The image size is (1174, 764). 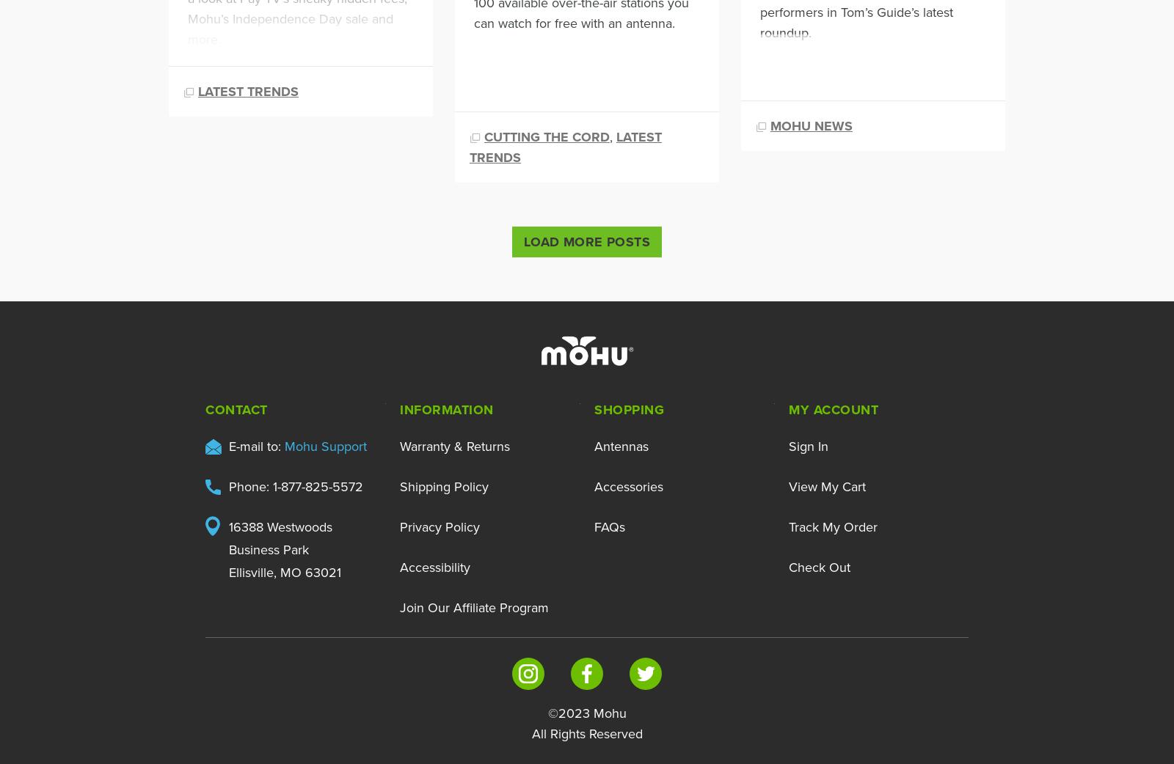 What do you see at coordinates (612, 135) in the screenshot?
I see `','` at bounding box center [612, 135].